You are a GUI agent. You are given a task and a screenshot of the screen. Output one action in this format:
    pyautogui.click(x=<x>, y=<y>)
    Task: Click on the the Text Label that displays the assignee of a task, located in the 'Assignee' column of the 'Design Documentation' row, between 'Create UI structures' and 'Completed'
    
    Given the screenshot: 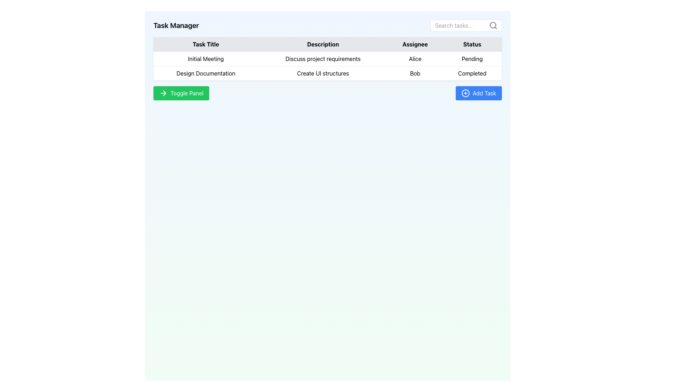 What is the action you would take?
    pyautogui.click(x=415, y=73)
    